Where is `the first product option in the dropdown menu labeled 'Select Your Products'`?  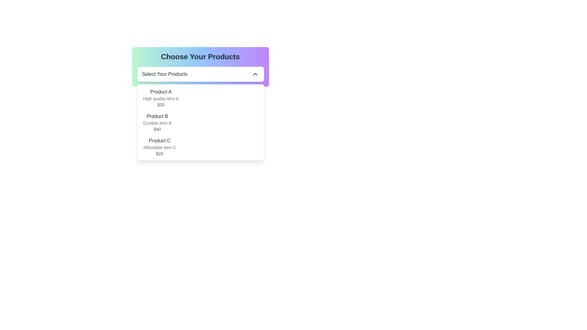 the first product option in the dropdown menu labeled 'Select Your Products' is located at coordinates (200, 97).